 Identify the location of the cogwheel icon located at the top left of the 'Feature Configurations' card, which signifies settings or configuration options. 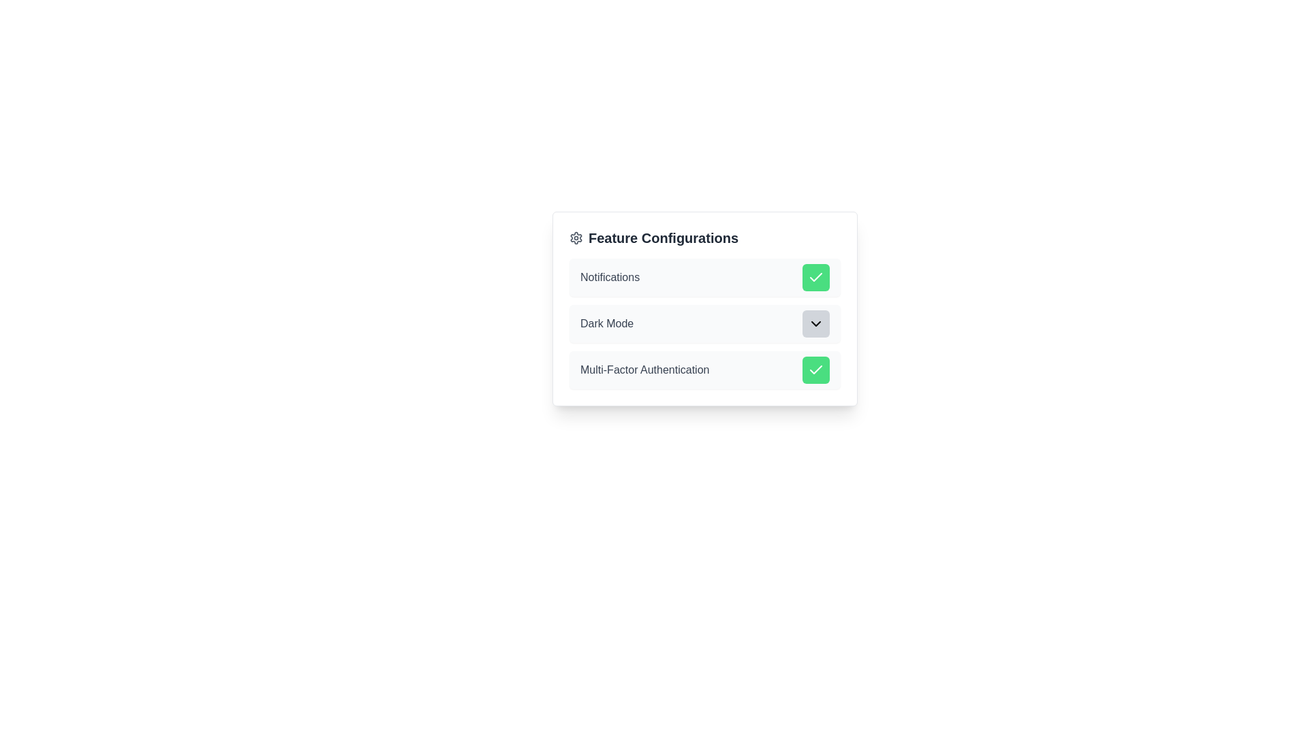
(576, 238).